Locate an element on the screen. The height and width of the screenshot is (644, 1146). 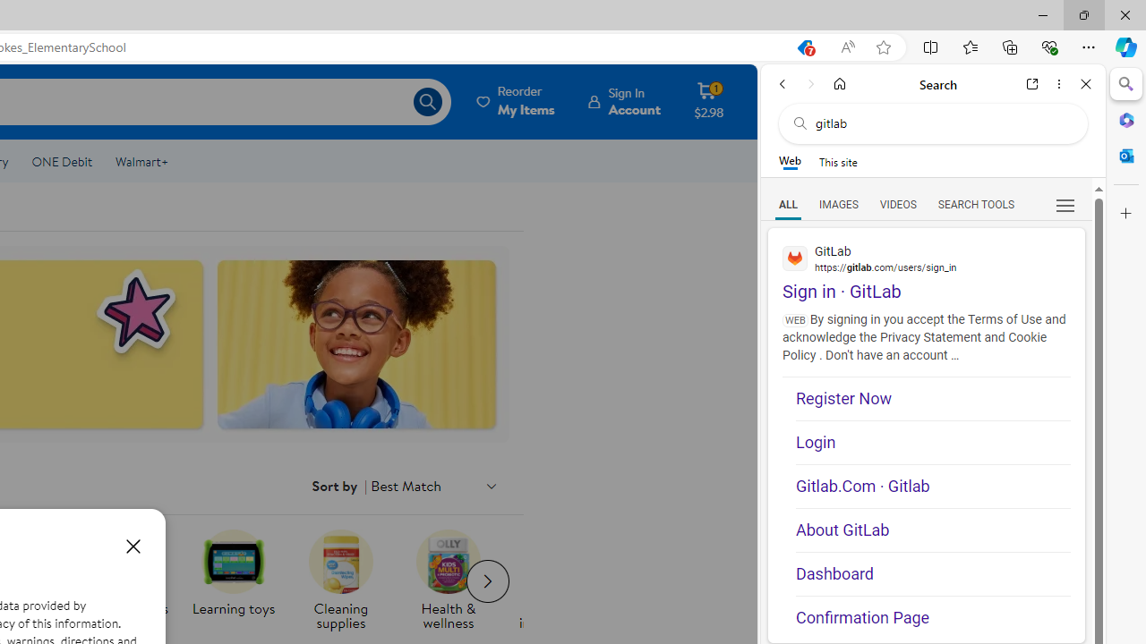
'Confirmation Page' is located at coordinates (932, 611).